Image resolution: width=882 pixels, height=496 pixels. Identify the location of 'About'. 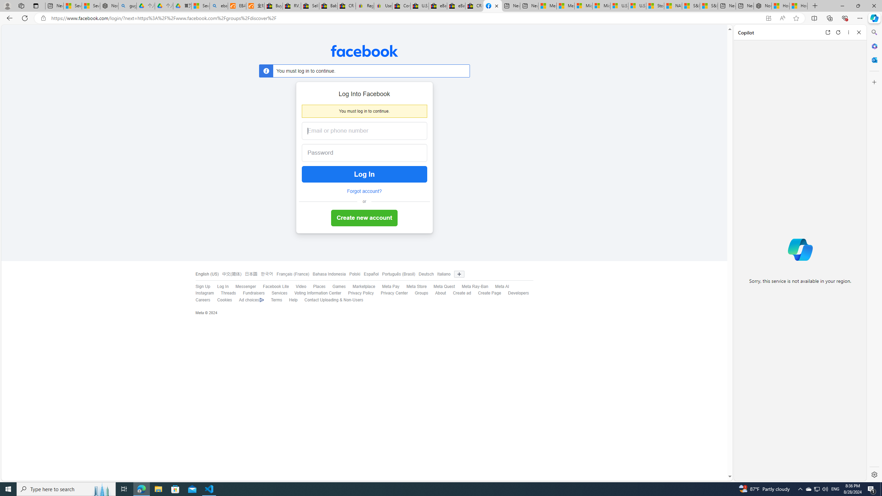
(440, 293).